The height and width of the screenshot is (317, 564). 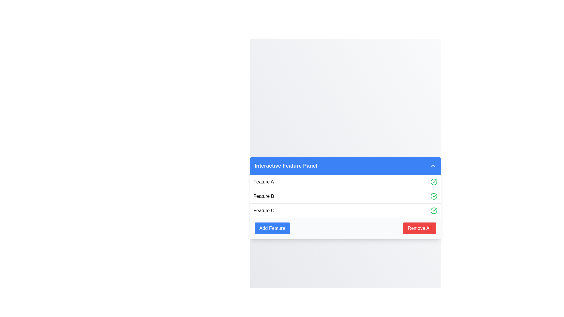 What do you see at coordinates (433, 166) in the screenshot?
I see `the downward-pointing chevron icon button with a bluish background located to the right of the 'Interactive Feature Panel' header` at bounding box center [433, 166].